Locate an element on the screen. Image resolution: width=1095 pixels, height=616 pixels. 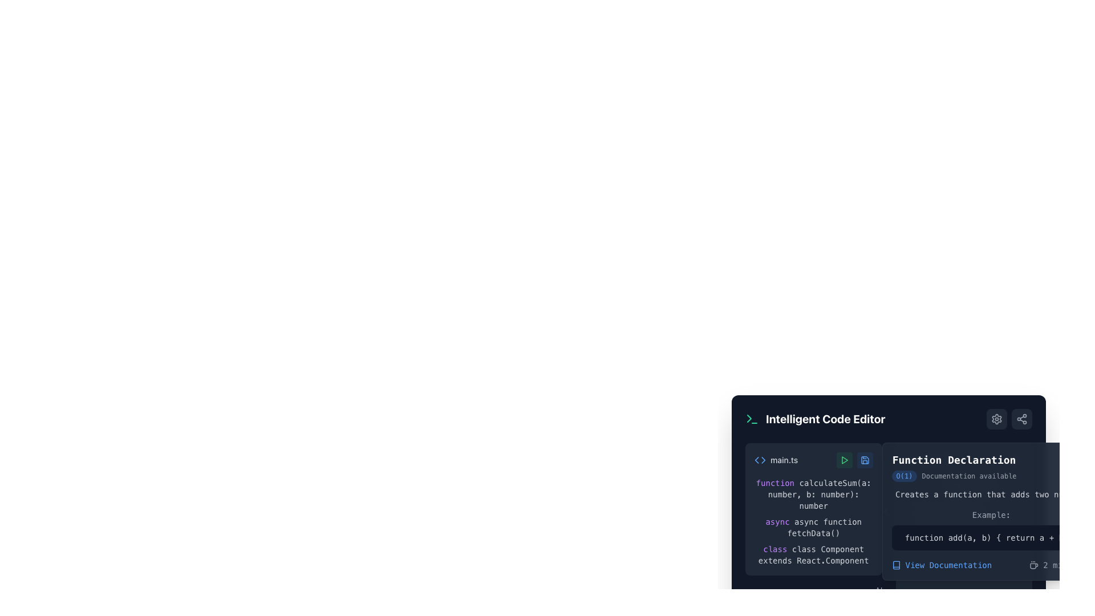
the left chevron icon of the dual-chevron graphical element for navigation purposes is located at coordinates (757, 459).